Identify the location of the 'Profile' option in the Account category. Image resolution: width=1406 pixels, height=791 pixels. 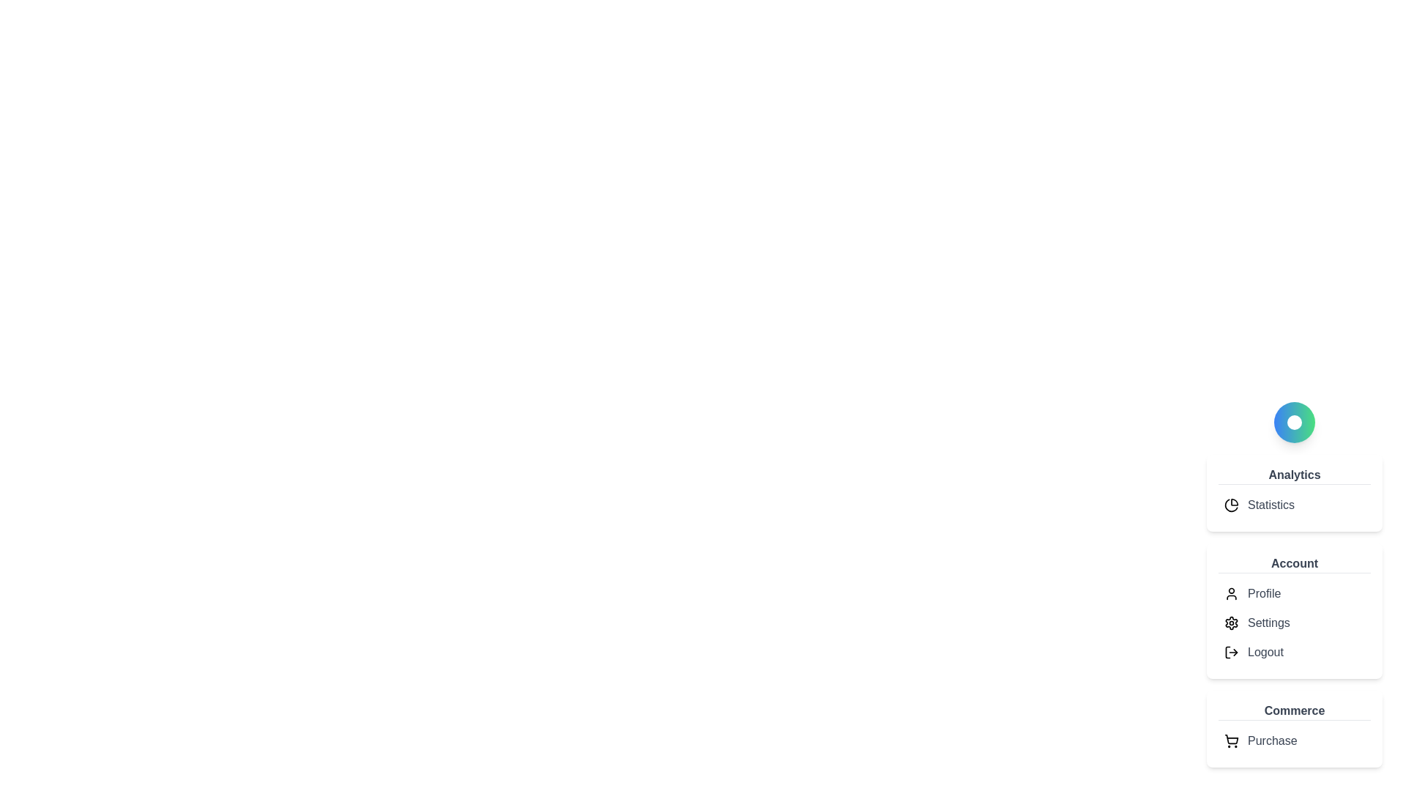
(1263, 593).